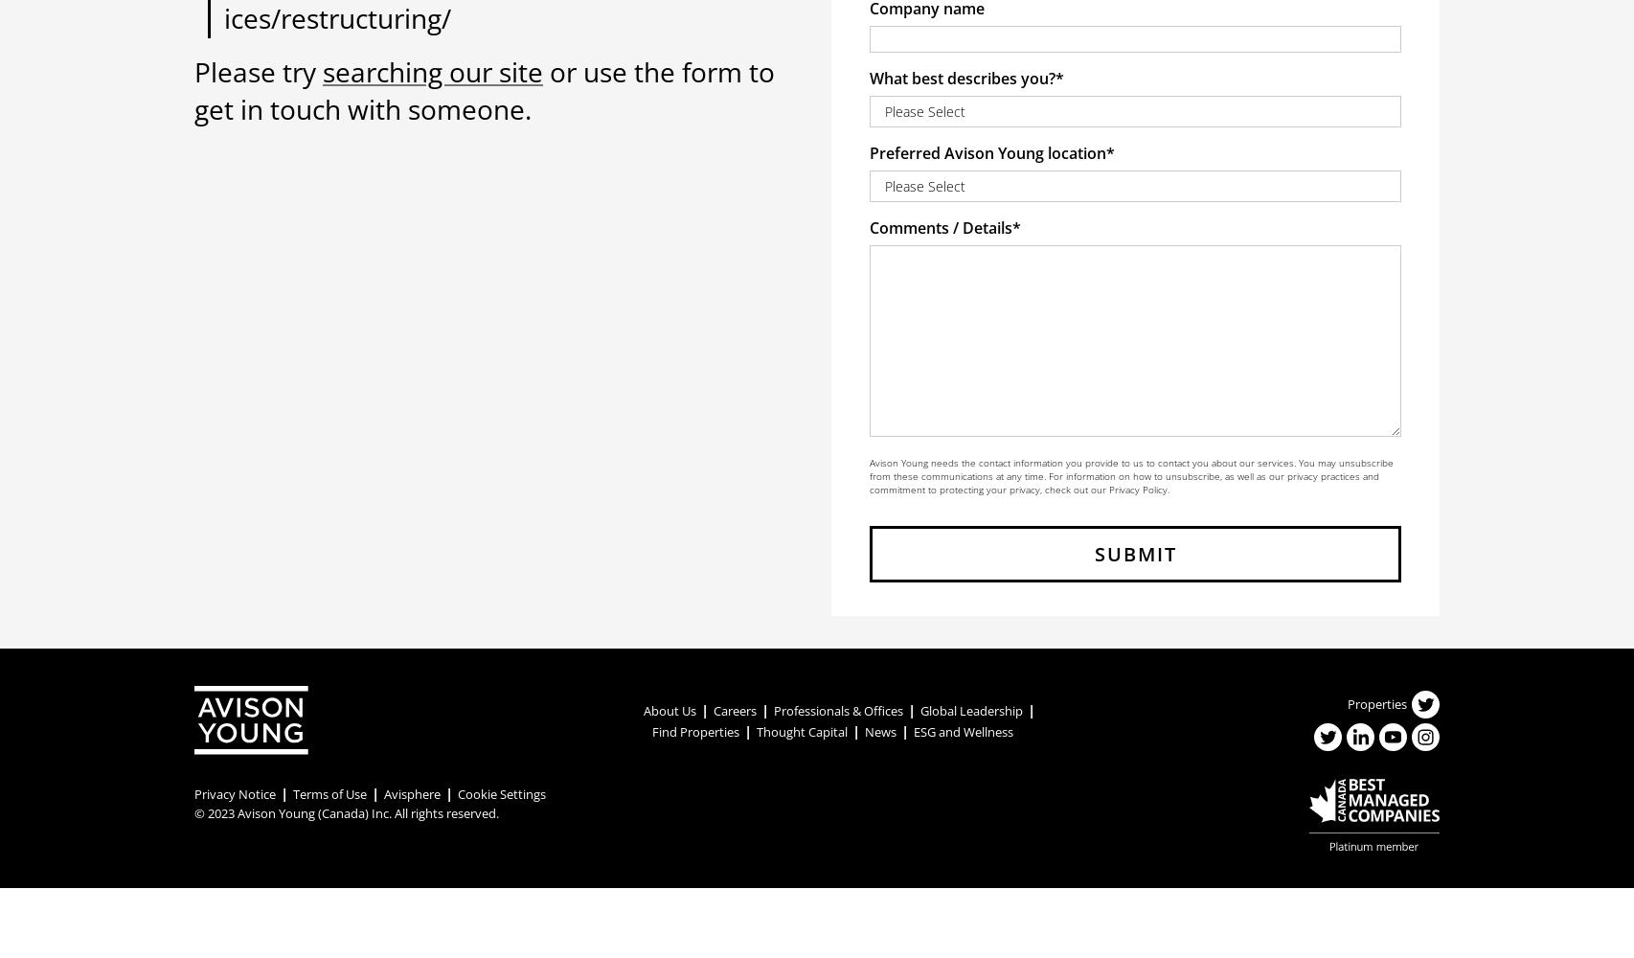 The width and height of the screenshot is (1634, 958). What do you see at coordinates (970, 709) in the screenshot?
I see `'Global Leadership'` at bounding box center [970, 709].